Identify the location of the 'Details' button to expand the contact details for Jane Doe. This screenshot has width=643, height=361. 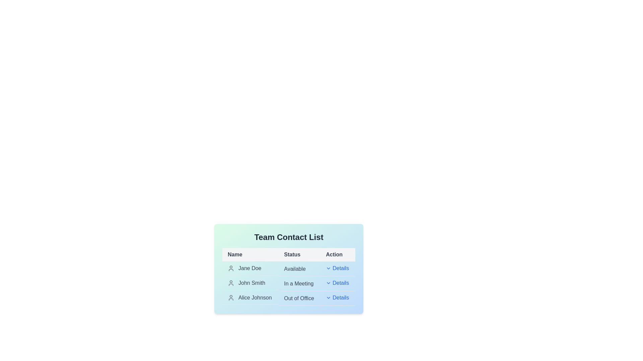
(337, 268).